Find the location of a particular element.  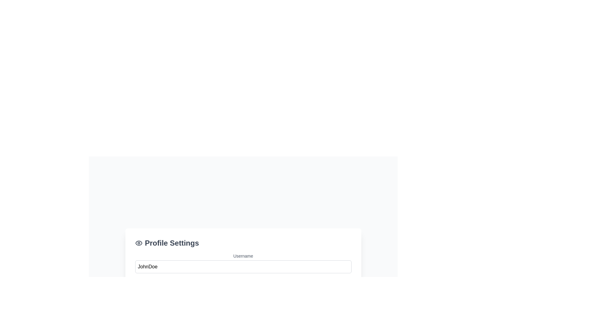

text label located at the top-left part of the 'Profile Settings' form section, which provides a hint for the input field below it is located at coordinates (243, 256).